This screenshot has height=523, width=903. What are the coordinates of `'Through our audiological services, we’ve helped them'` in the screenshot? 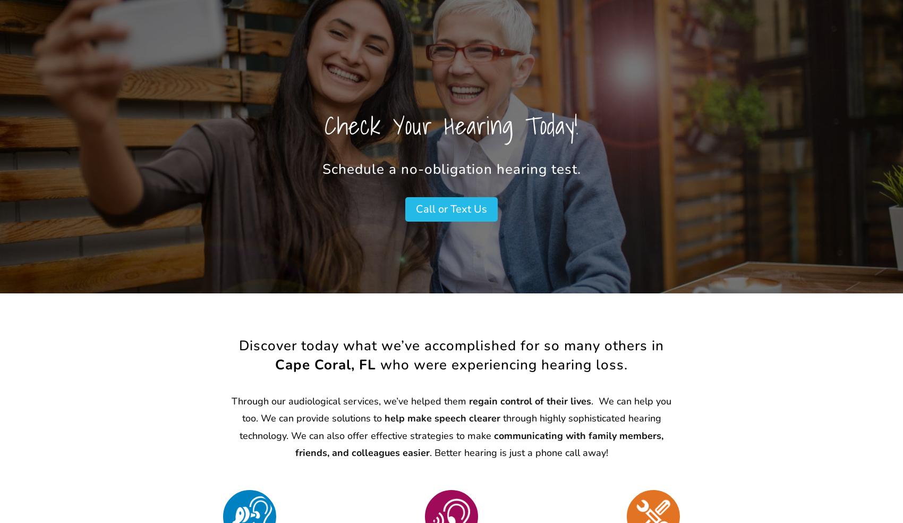 It's located at (350, 400).